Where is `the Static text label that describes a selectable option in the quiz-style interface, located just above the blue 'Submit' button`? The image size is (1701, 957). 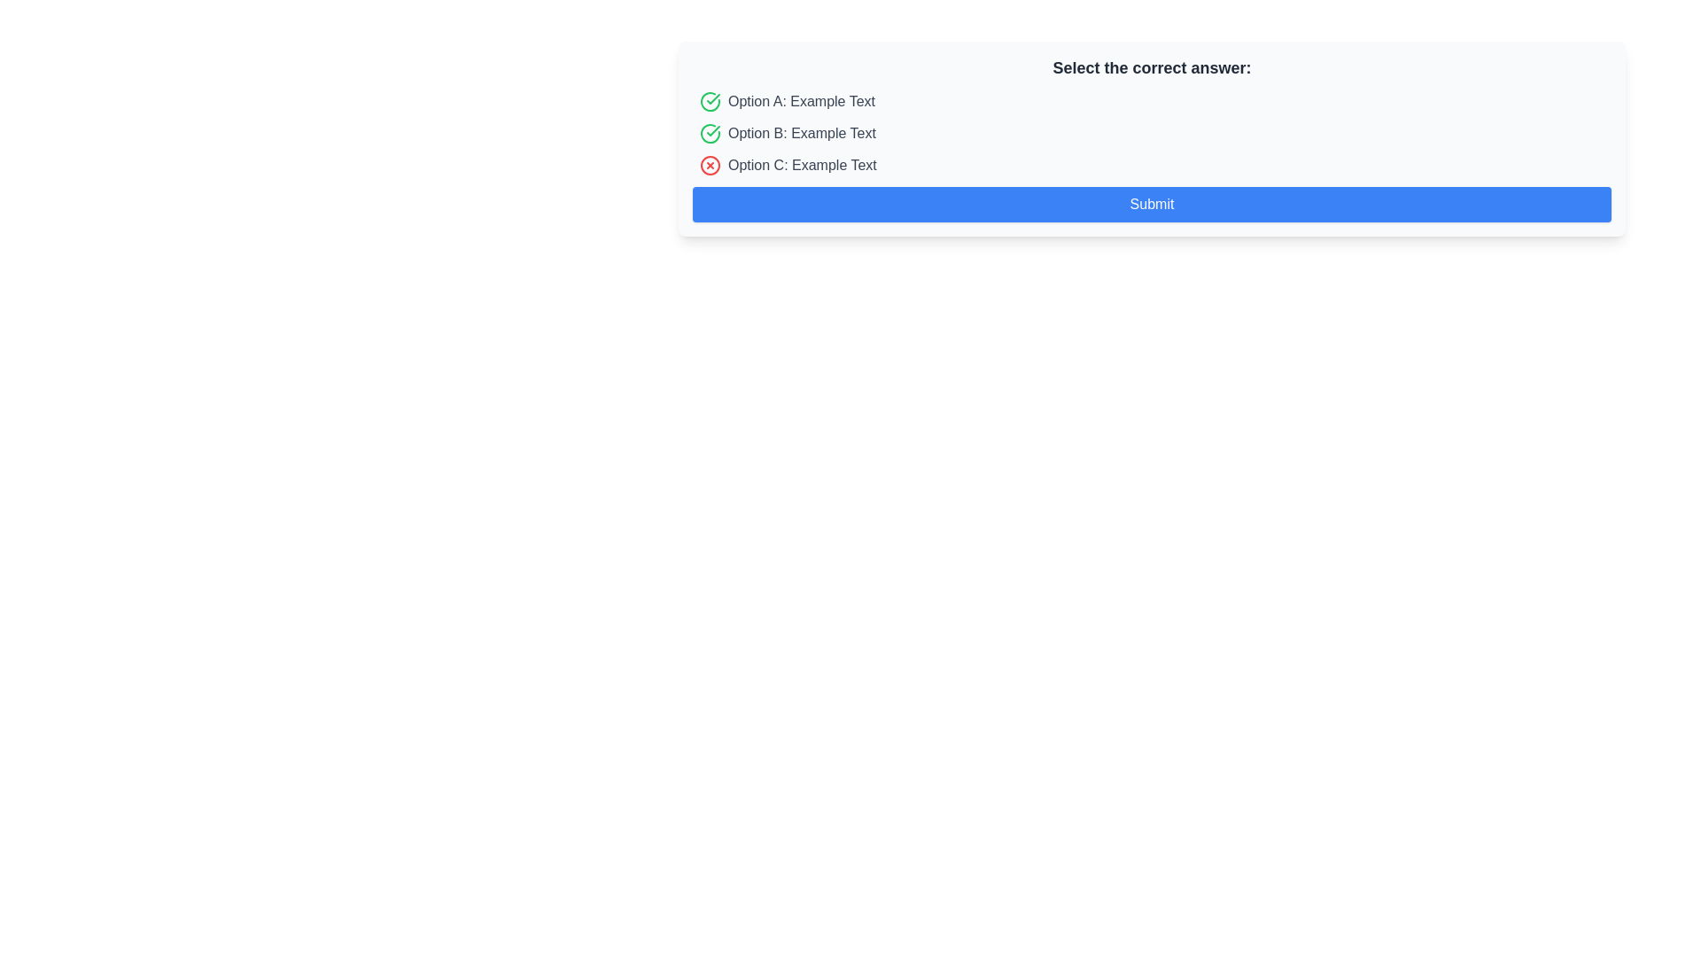 the Static text label that describes a selectable option in the quiz-style interface, located just above the blue 'Submit' button is located at coordinates (801, 165).